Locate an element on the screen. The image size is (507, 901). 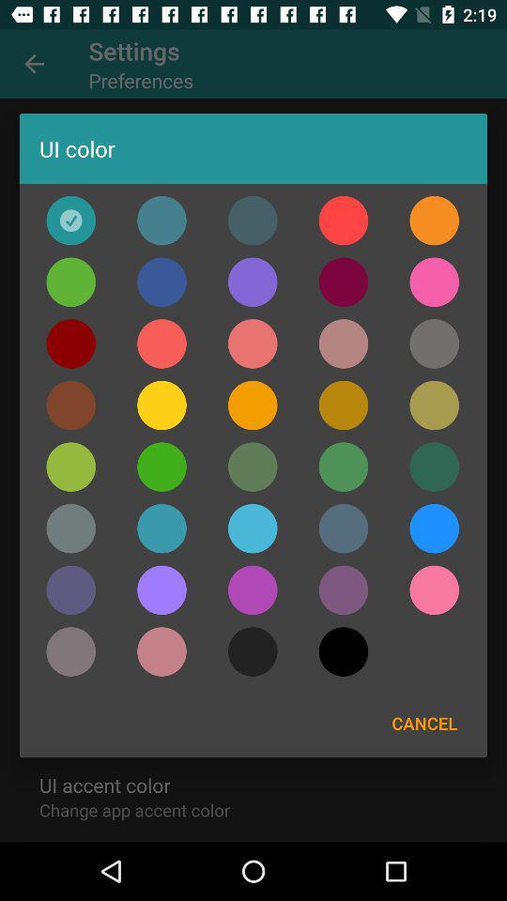
yellow colour fot the settings is located at coordinates (253, 405).